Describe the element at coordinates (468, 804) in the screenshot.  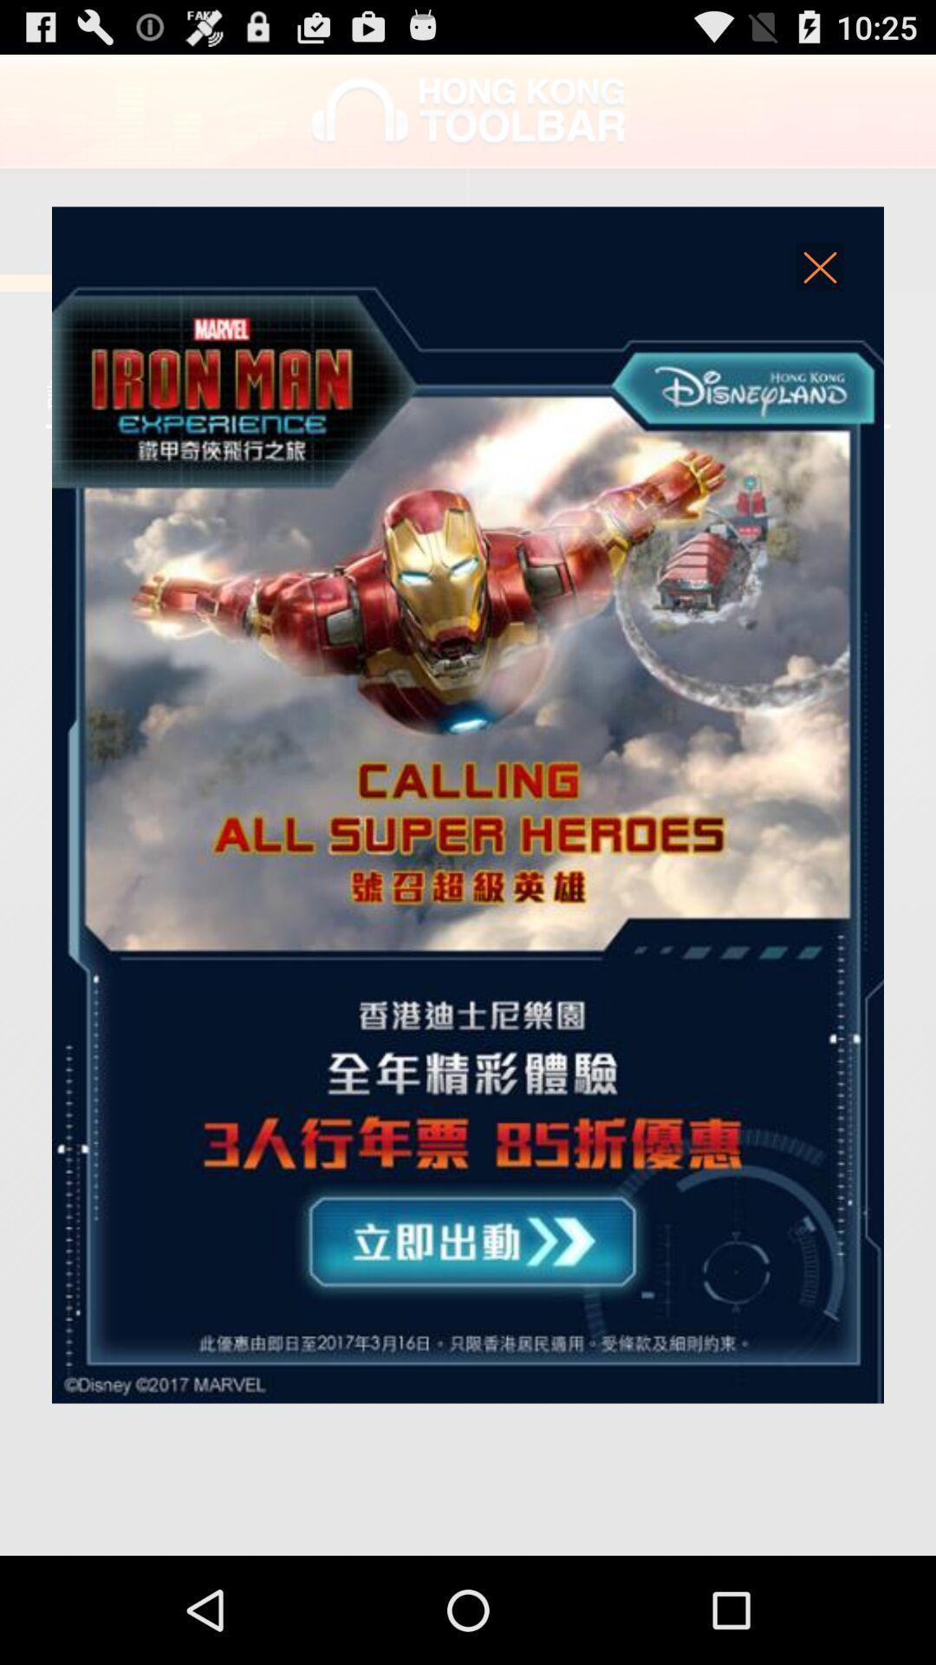
I see `open advertisement` at that location.